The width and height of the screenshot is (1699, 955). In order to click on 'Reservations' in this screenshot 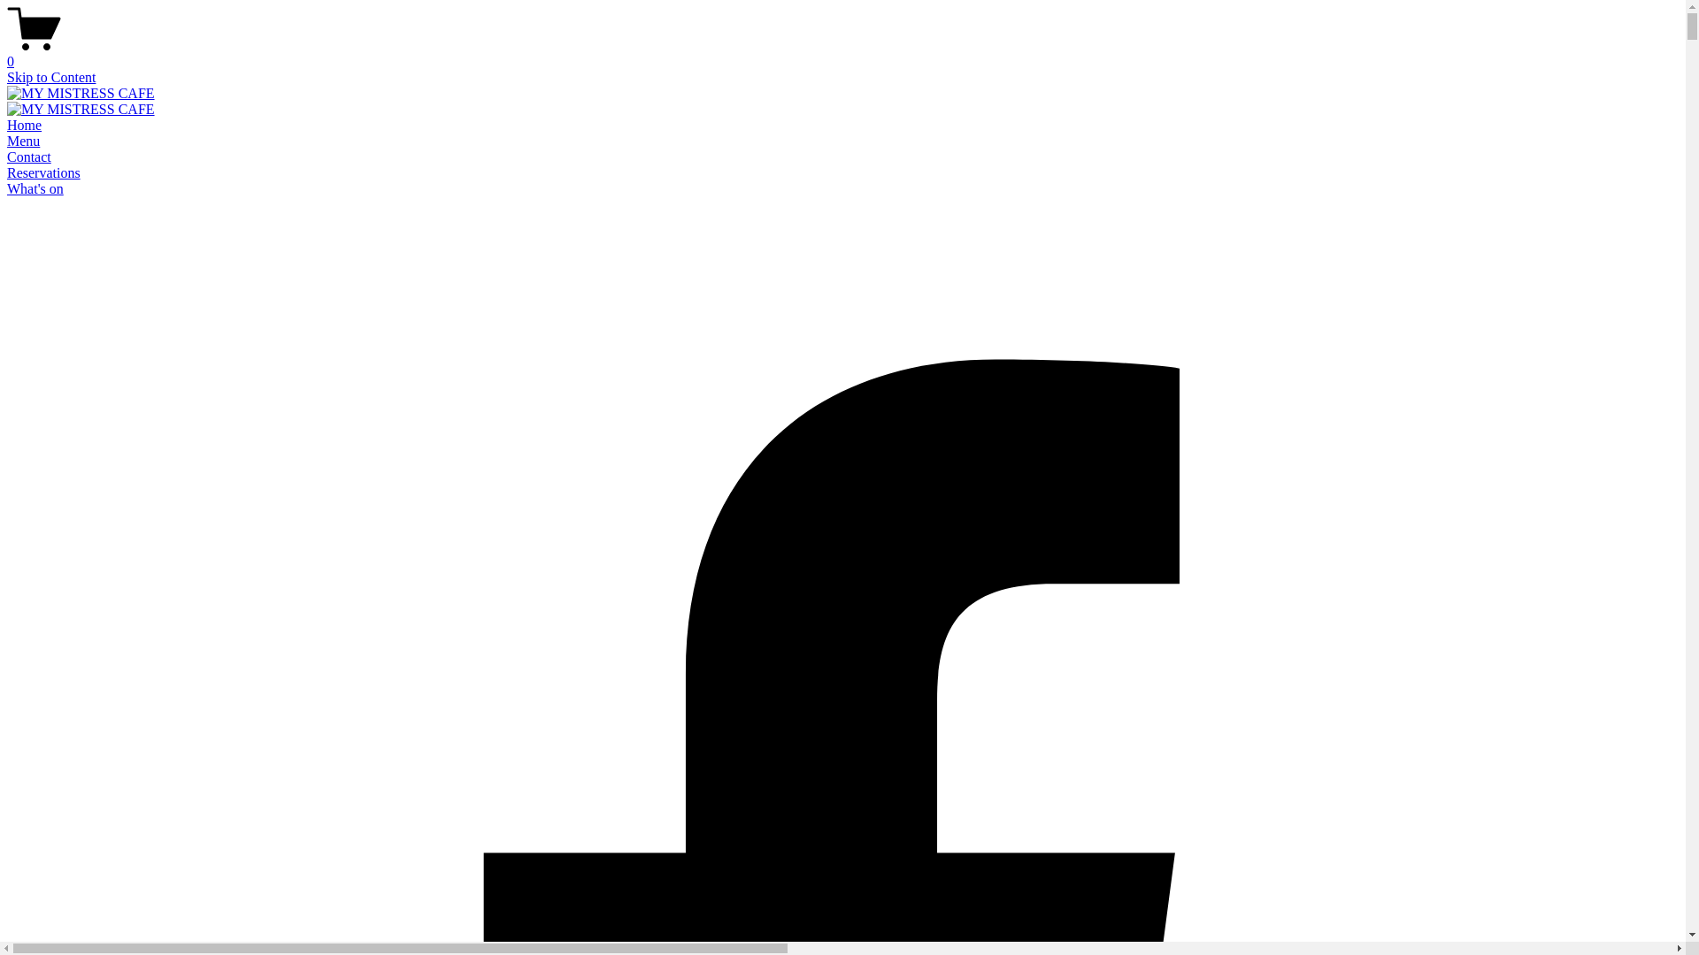, I will do `click(43, 172)`.